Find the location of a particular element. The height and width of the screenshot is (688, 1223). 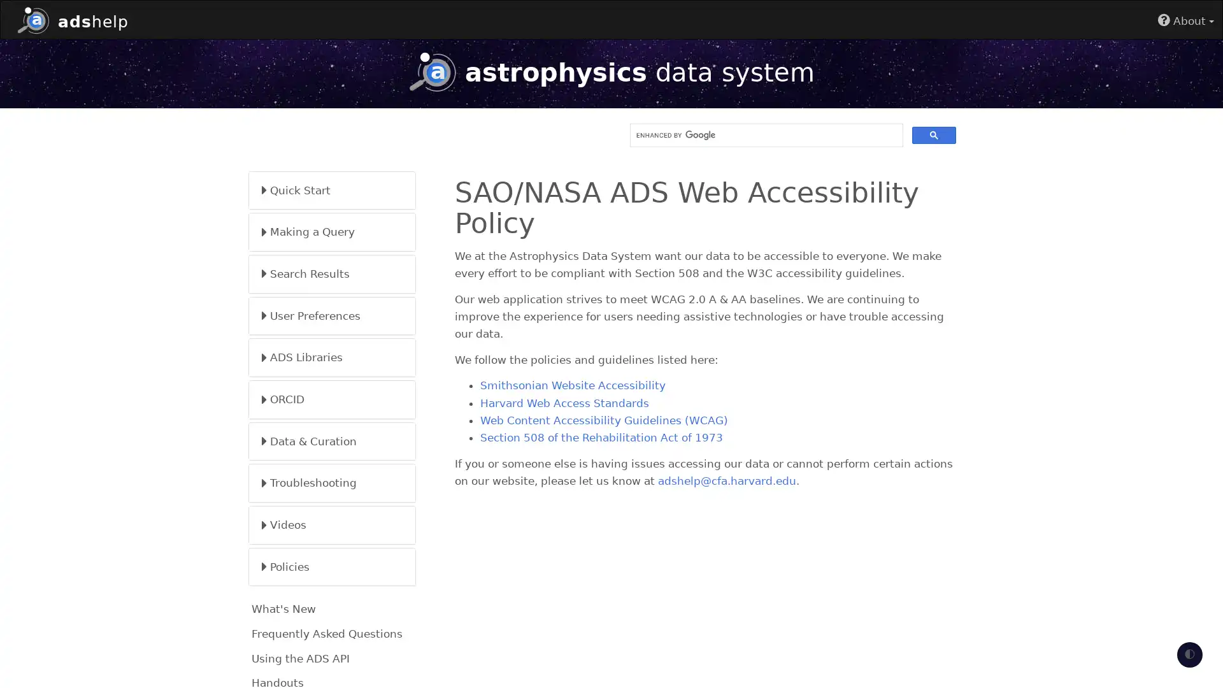

Quick Start is located at coordinates (332, 190).